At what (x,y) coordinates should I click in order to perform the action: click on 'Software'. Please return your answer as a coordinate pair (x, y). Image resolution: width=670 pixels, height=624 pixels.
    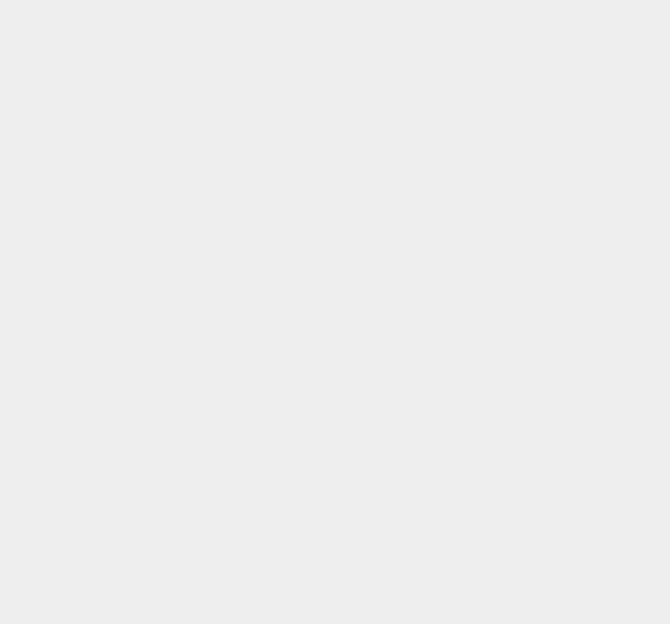
    Looking at the image, I should click on (489, 26).